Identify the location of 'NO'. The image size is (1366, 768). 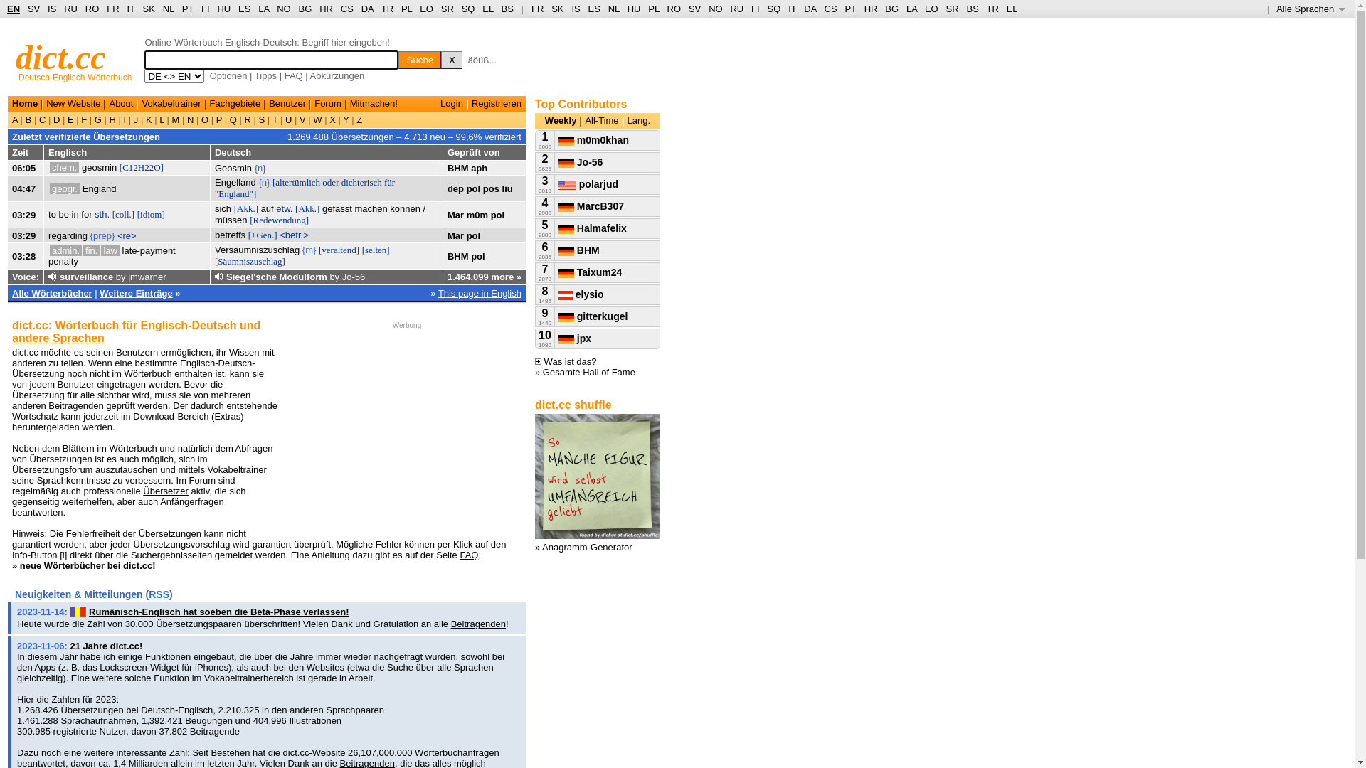
(283, 9).